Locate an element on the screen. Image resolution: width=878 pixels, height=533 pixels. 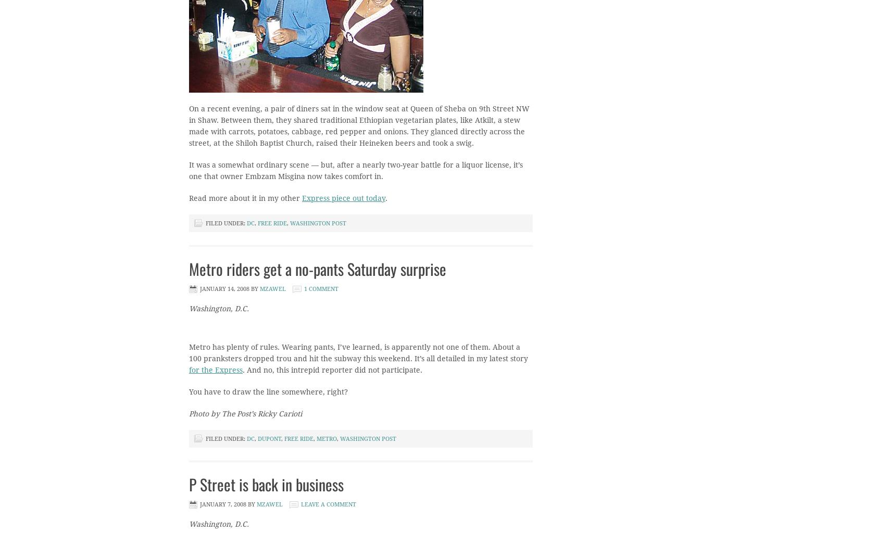
'P Street is back in business' is located at coordinates (266, 484).